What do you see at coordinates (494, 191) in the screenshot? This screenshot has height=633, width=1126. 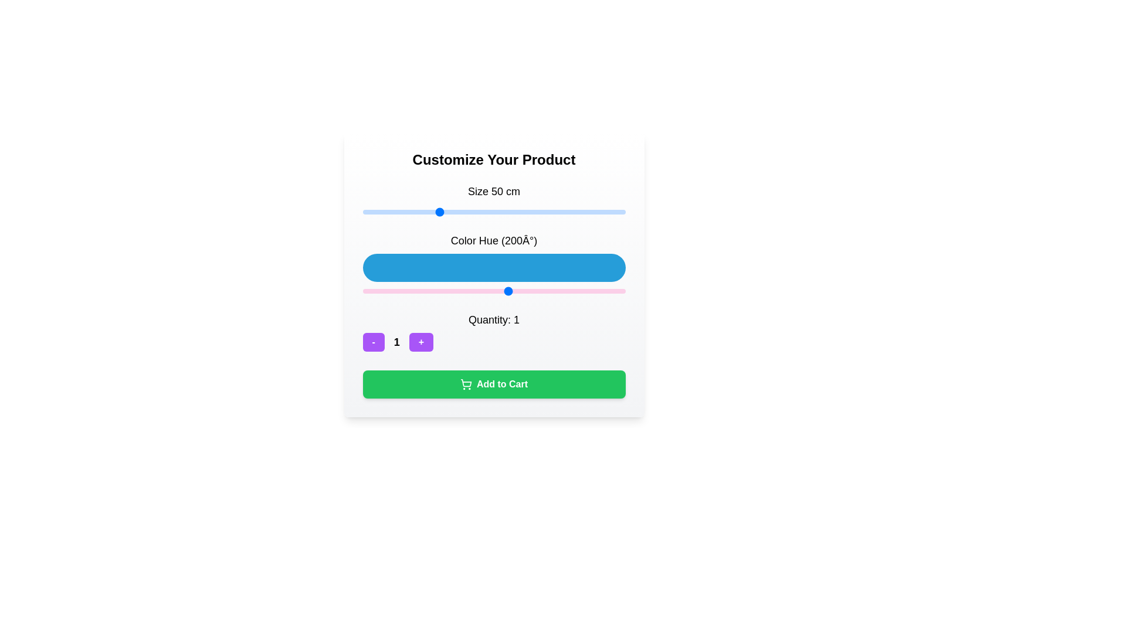 I see `the text label displaying 'Size 50 cm' in bold font, located above the horizontal slider and below the section header 'Customize Your Product'` at bounding box center [494, 191].